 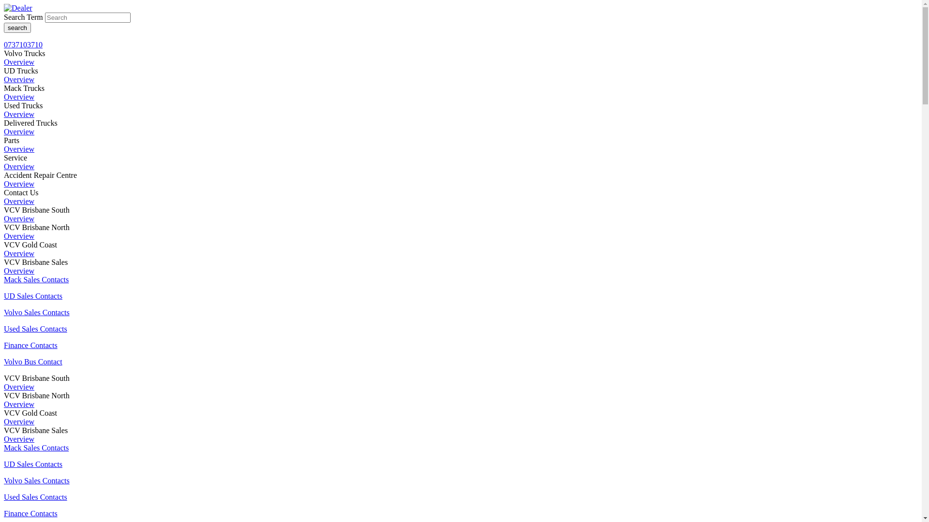 What do you see at coordinates (4, 44) in the screenshot?
I see `'0737103710'` at bounding box center [4, 44].